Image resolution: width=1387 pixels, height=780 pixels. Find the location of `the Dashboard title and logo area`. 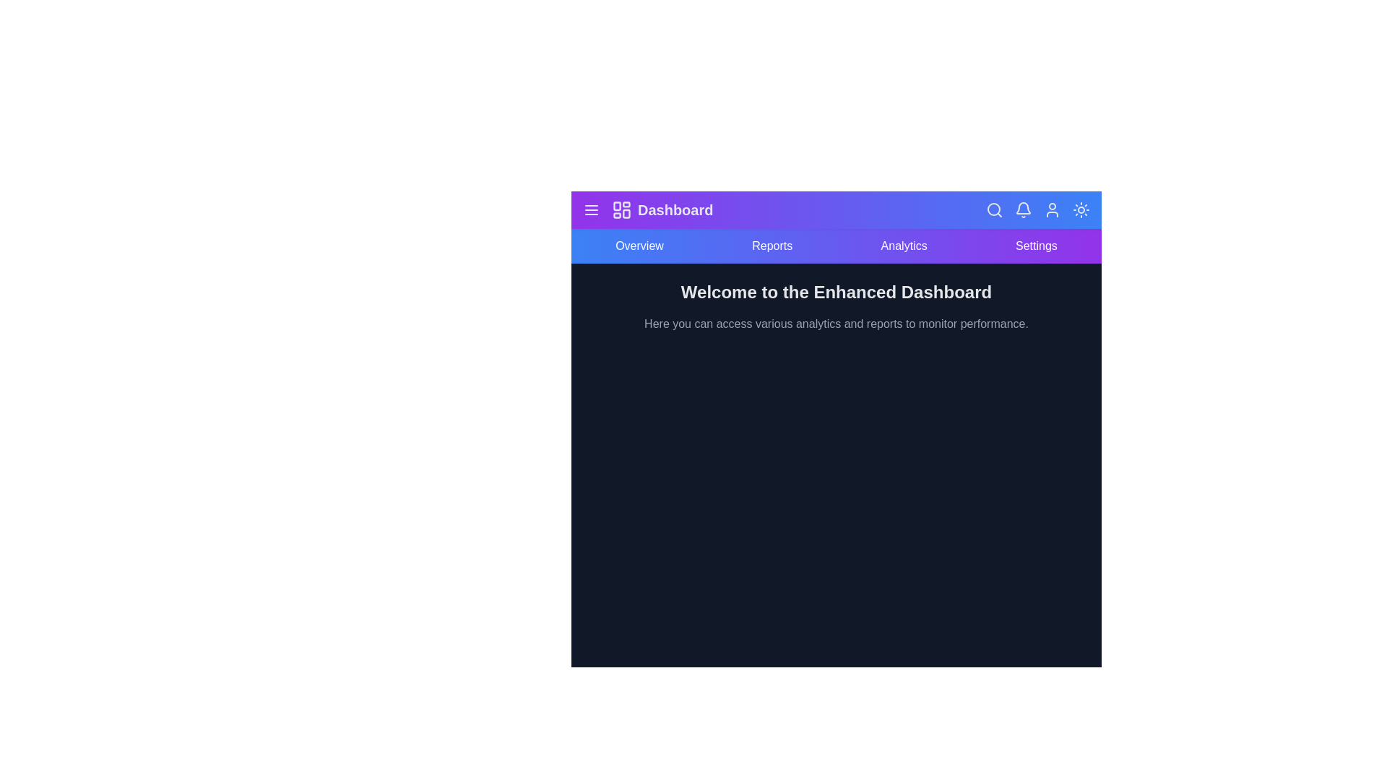

the Dashboard title and logo area is located at coordinates (661, 209).